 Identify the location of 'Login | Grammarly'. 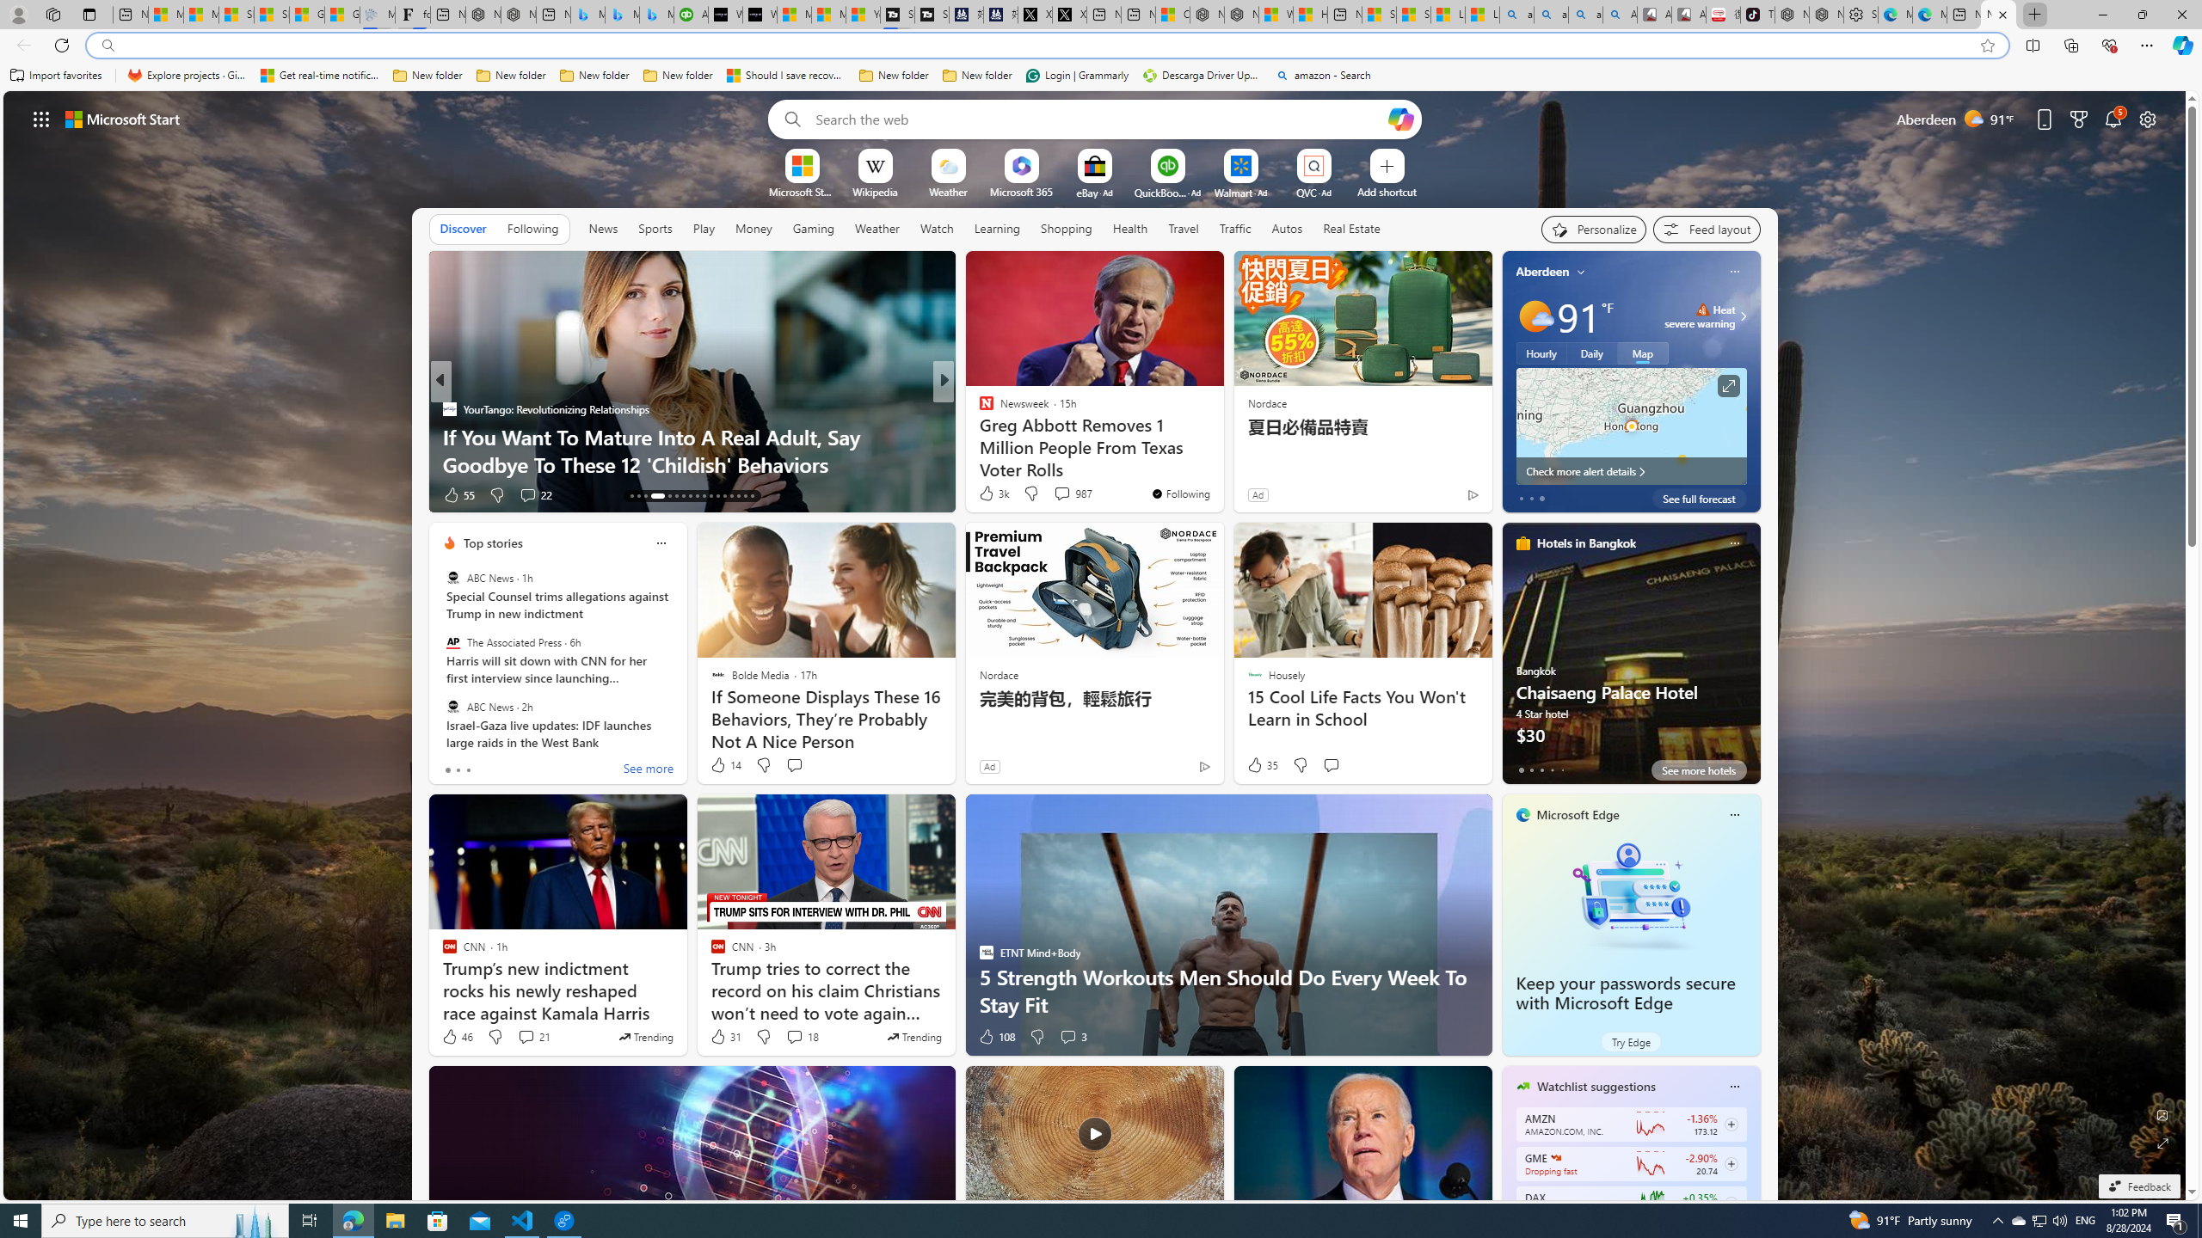
(1077, 75).